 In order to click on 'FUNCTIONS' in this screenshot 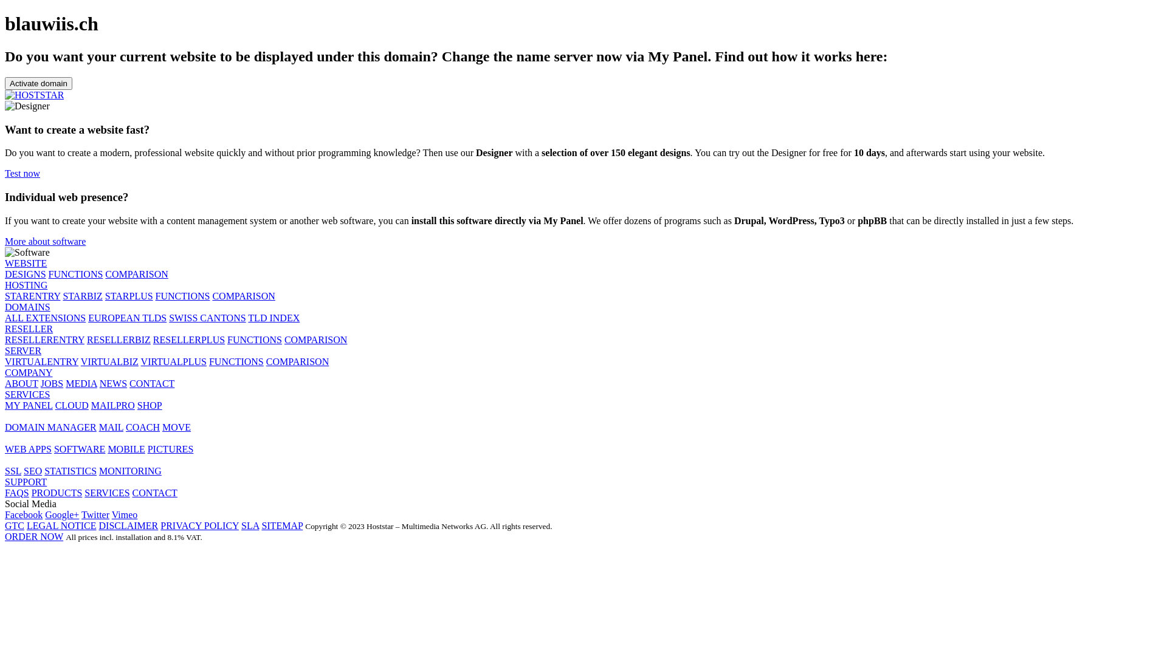, I will do `click(75, 274)`.